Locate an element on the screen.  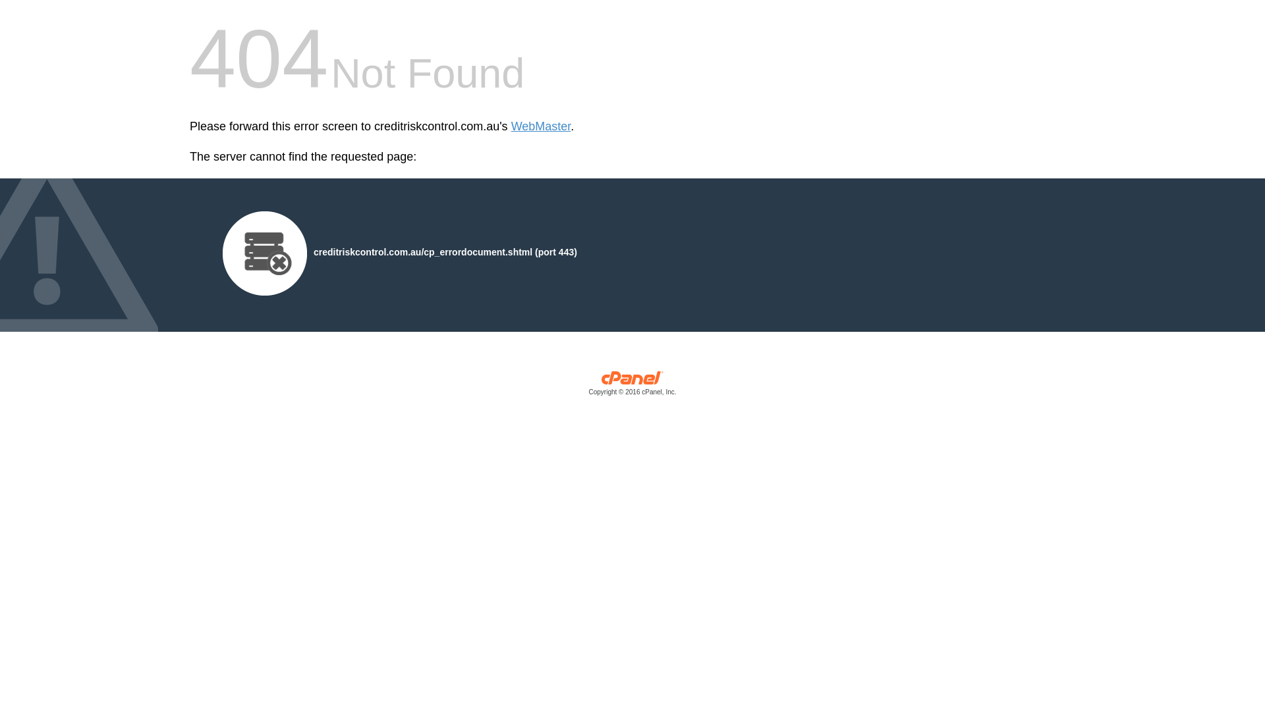
'WebMaster' is located at coordinates (541, 126).